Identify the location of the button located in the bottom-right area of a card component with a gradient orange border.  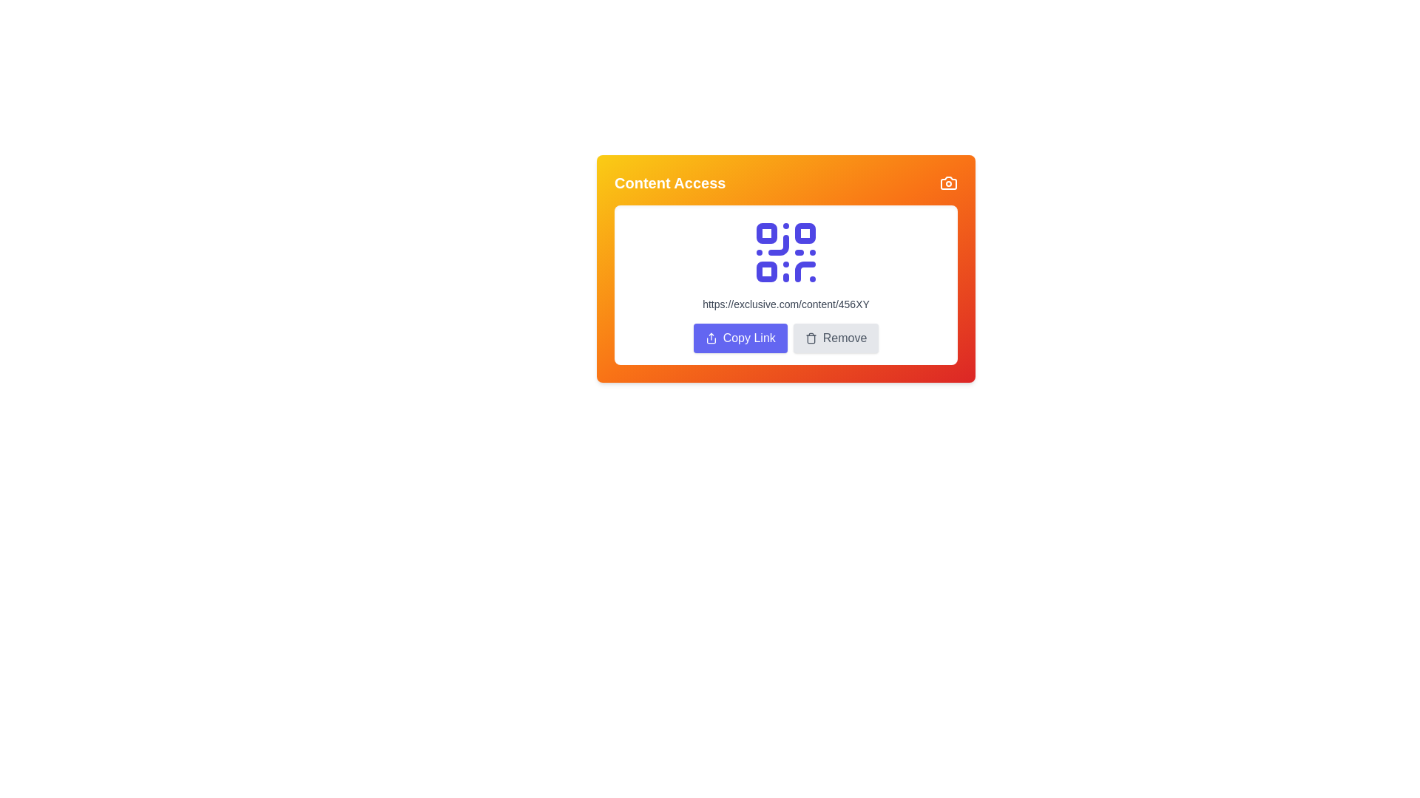
(835, 338).